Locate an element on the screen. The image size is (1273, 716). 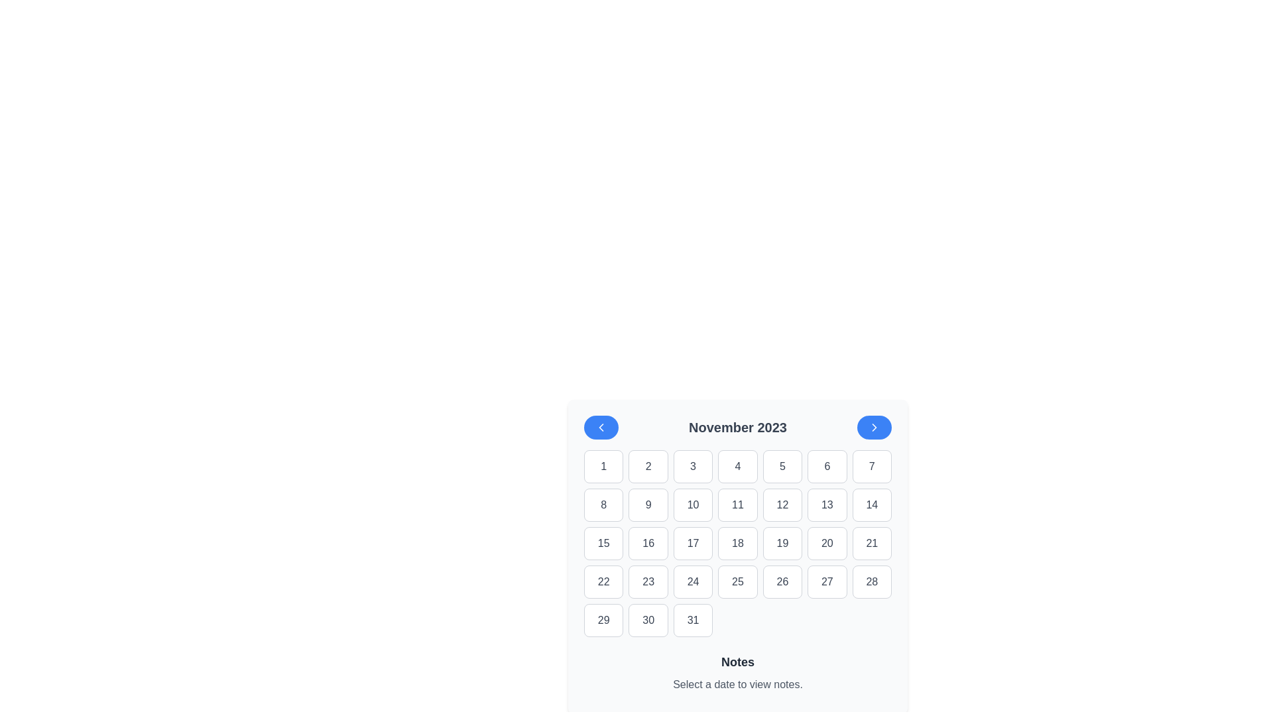
the calendar date button located in the second row and second column of the grid layout is located at coordinates (648, 505).